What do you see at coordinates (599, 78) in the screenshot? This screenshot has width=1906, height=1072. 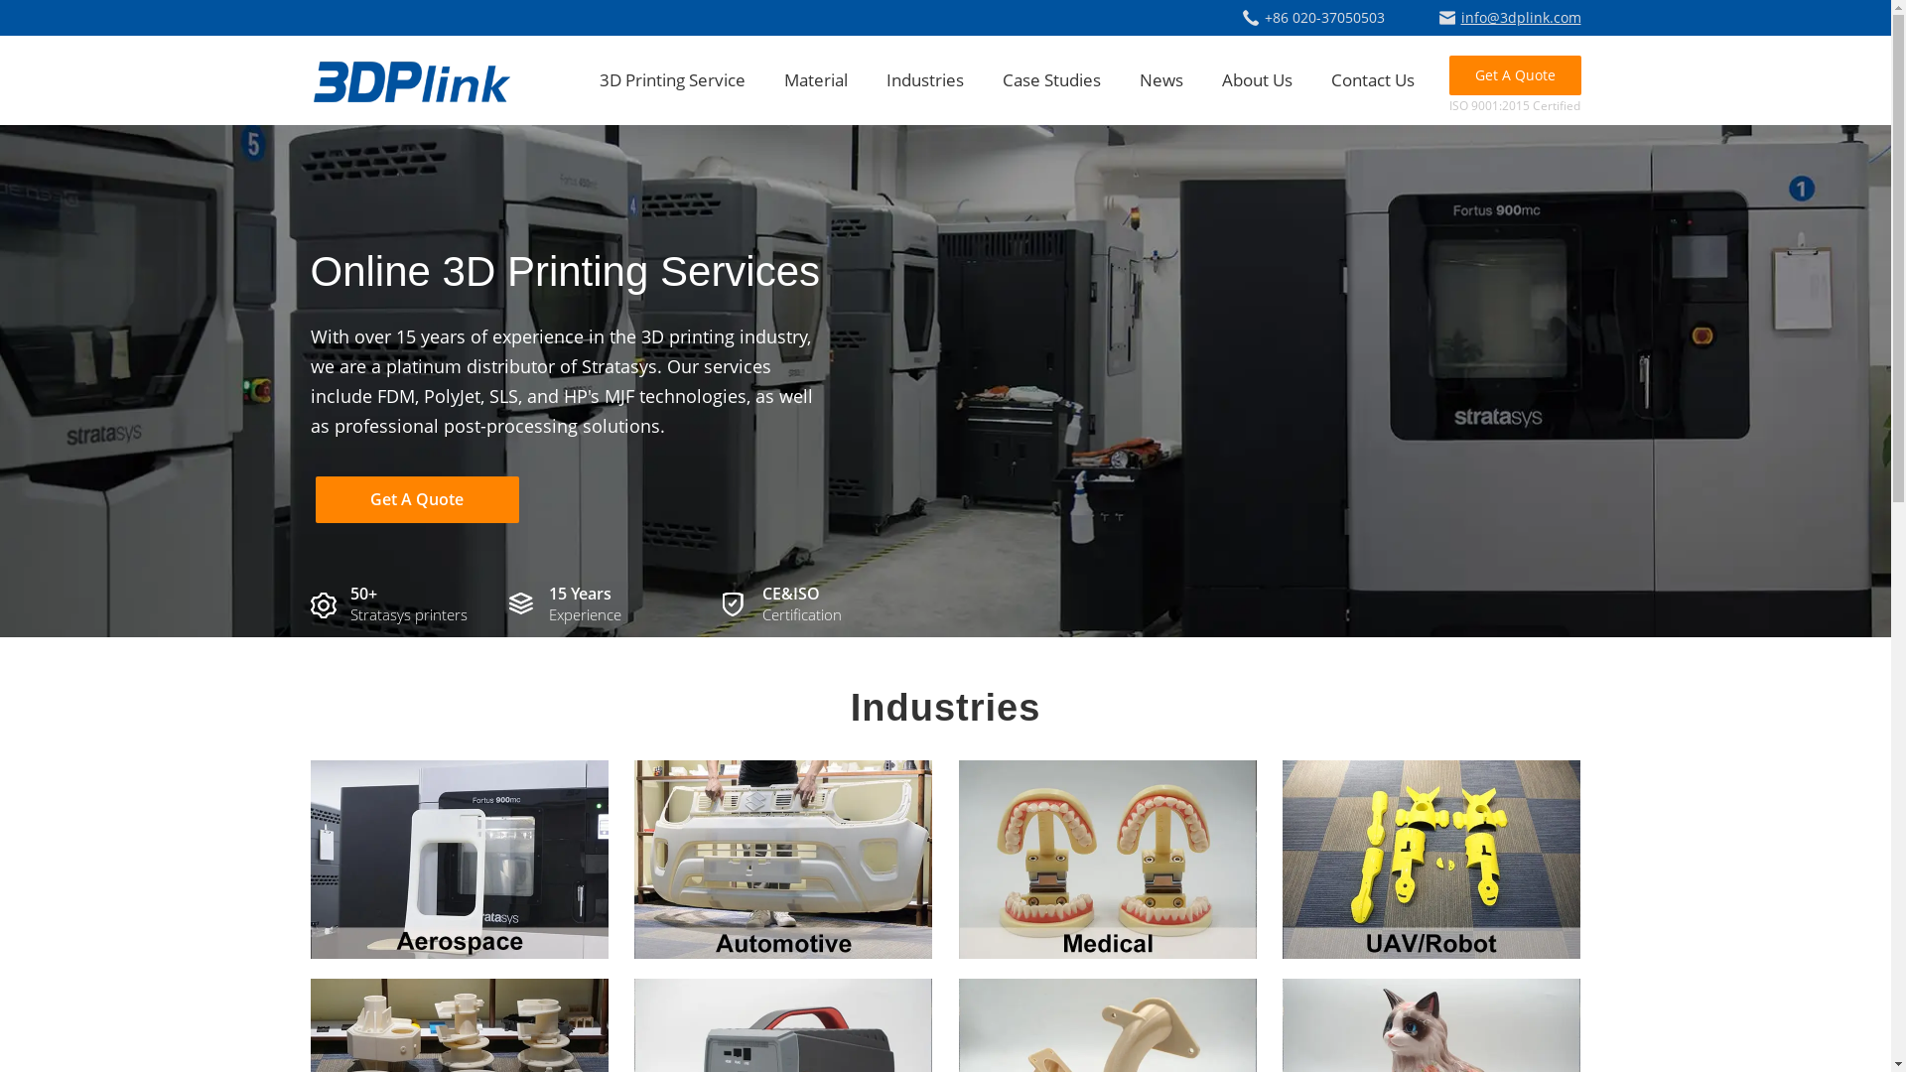 I see `'3D Printing Service'` at bounding box center [599, 78].